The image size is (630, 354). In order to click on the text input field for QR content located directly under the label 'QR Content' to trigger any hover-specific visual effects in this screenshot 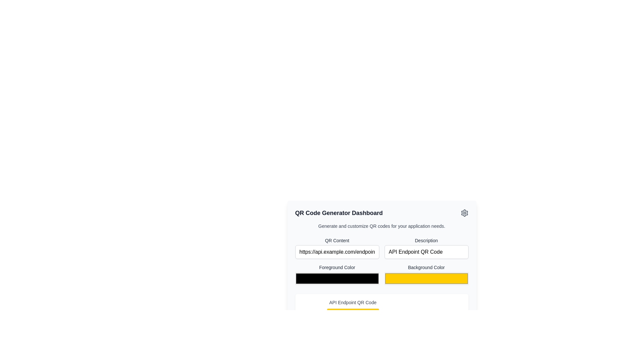, I will do `click(337, 248)`.